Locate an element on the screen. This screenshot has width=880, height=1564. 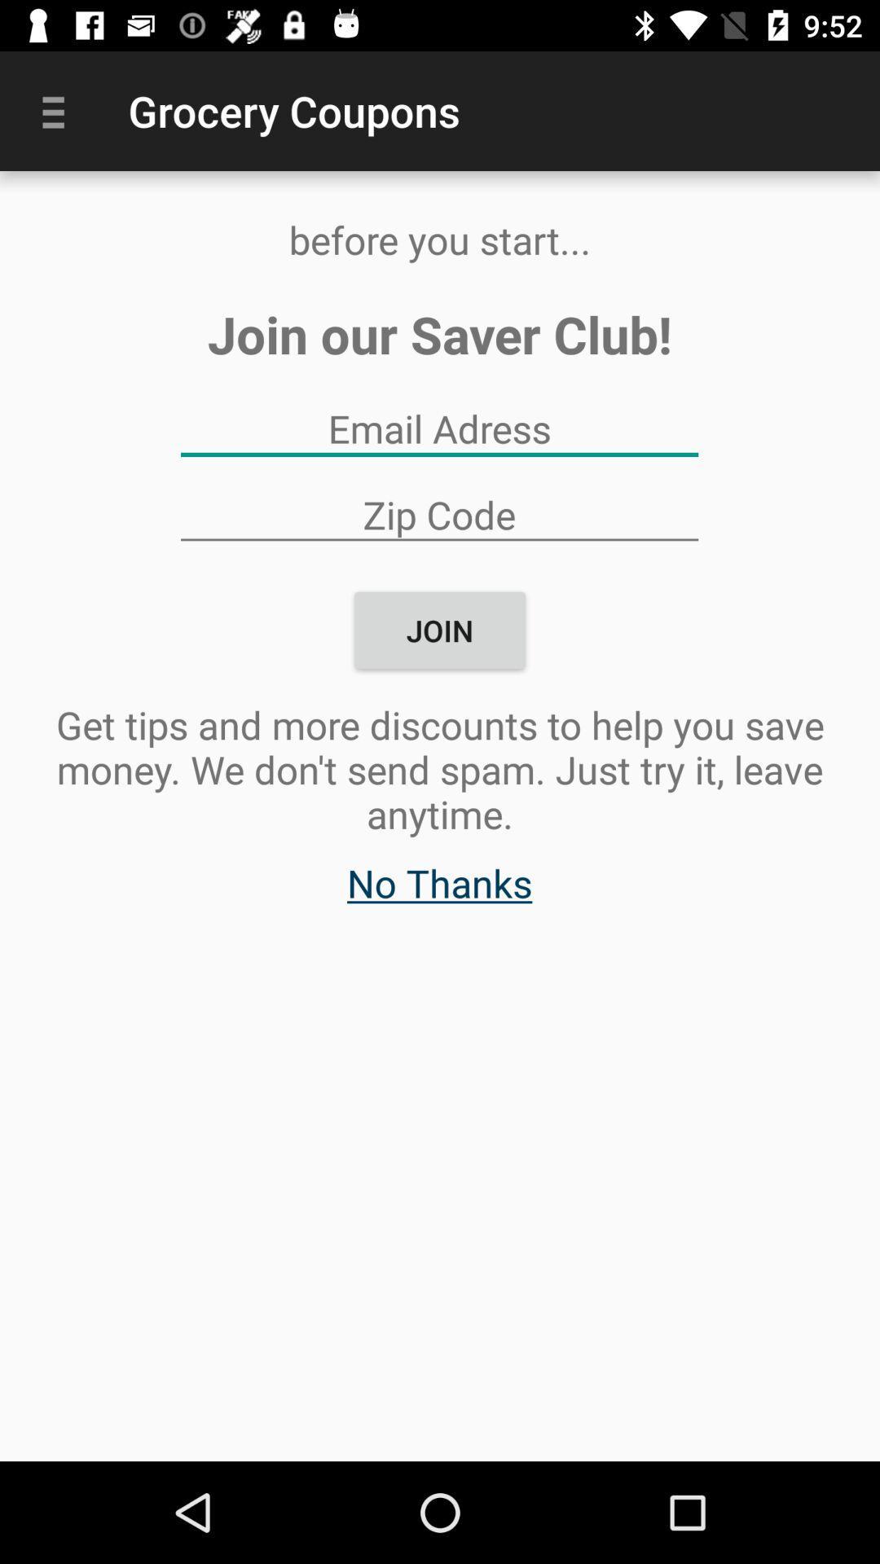
text box for entering zipcode is located at coordinates (438, 513).